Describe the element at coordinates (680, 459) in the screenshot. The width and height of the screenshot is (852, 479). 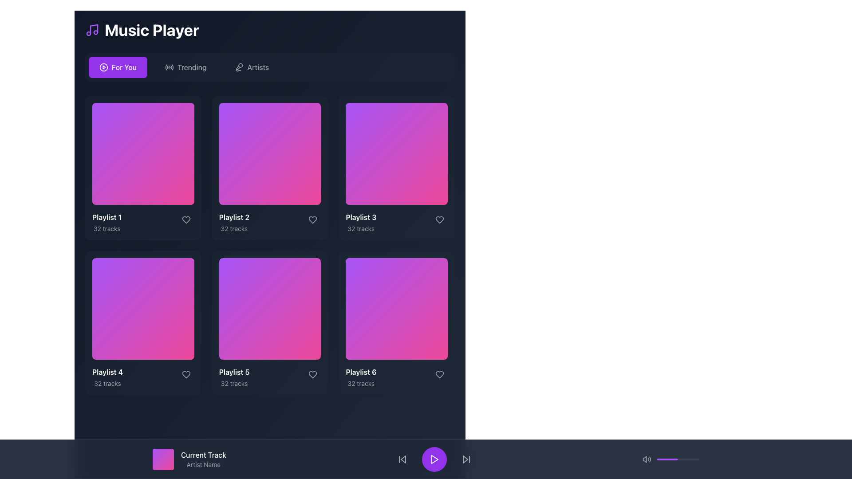
I see `the volume slider` at that location.